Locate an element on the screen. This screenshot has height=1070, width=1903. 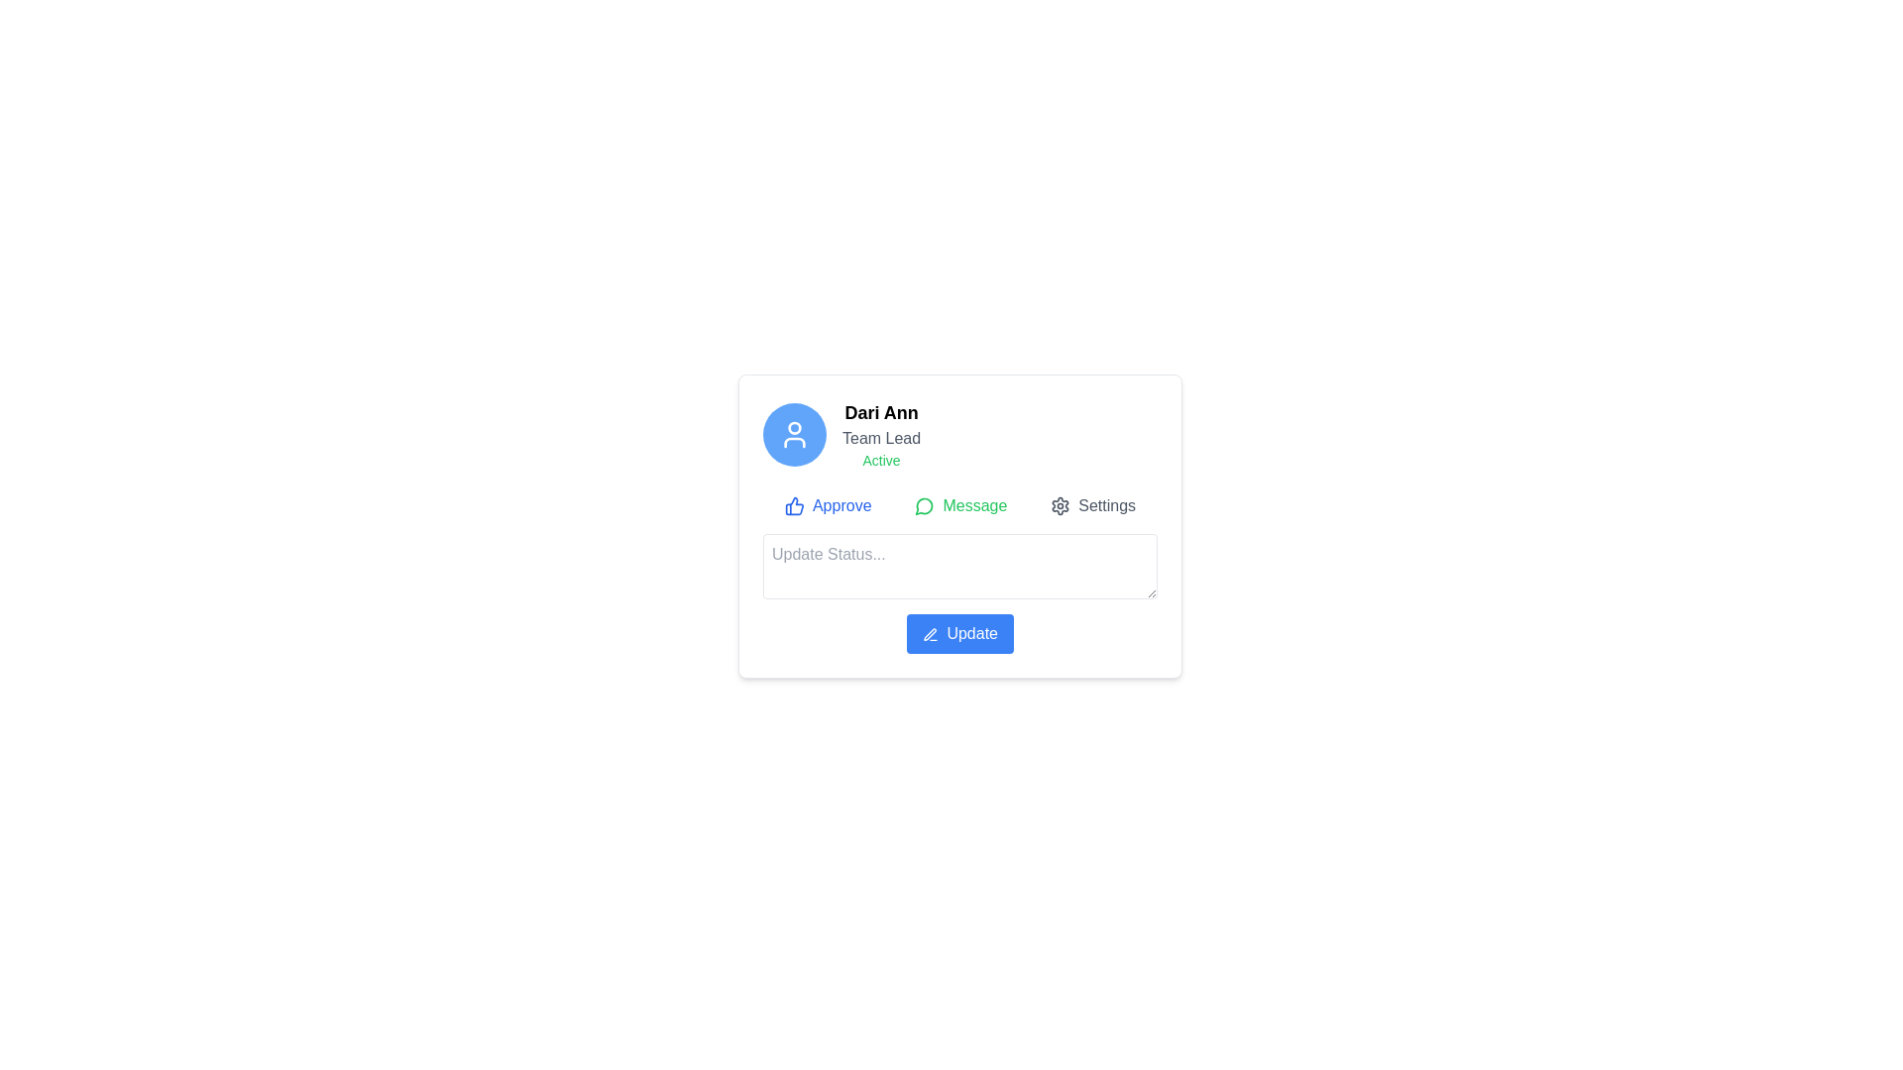
the messaging button located between the 'Approve' and 'Settings' buttons is located at coordinates (960, 504).